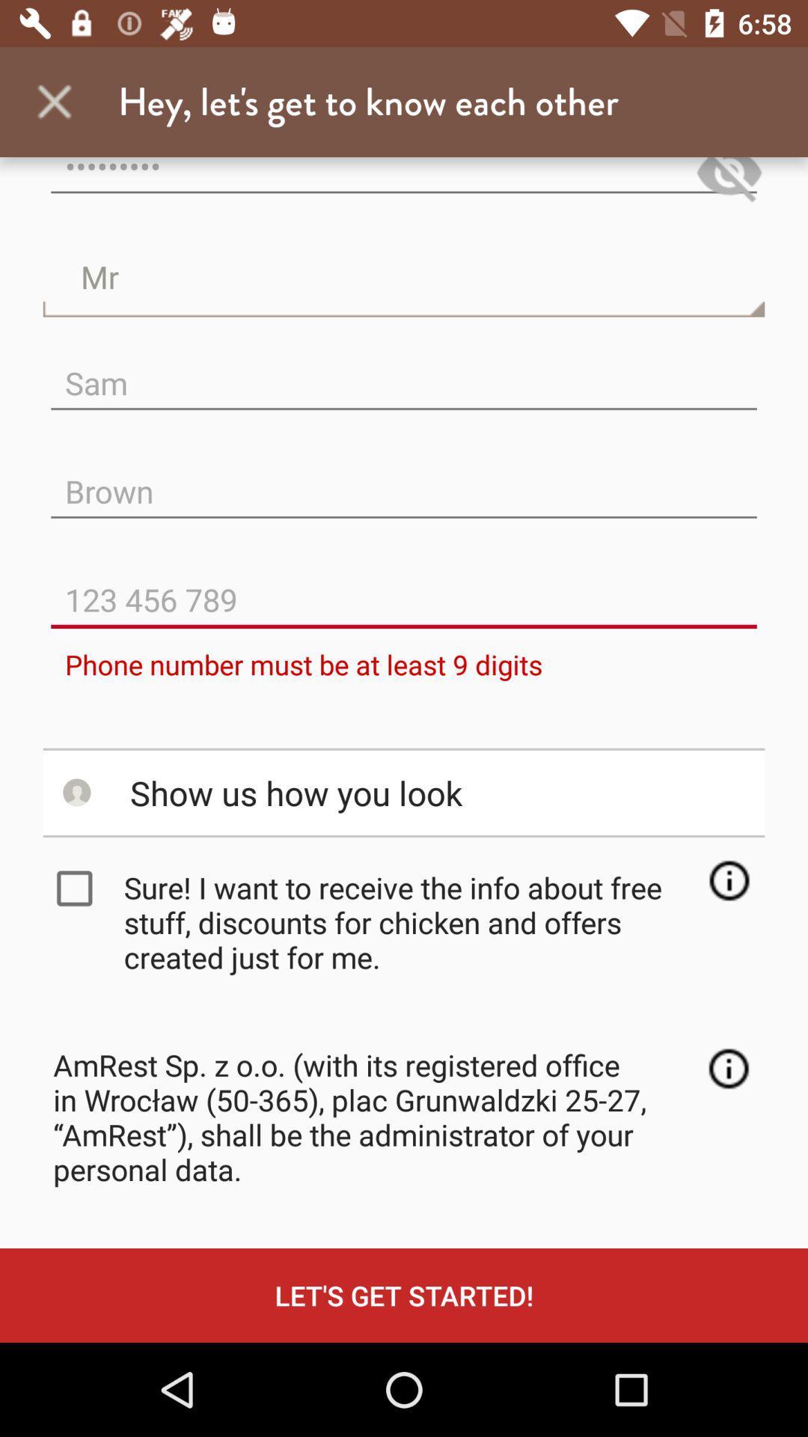  Describe the element at coordinates (54, 101) in the screenshot. I see `icon at the top left corner` at that location.